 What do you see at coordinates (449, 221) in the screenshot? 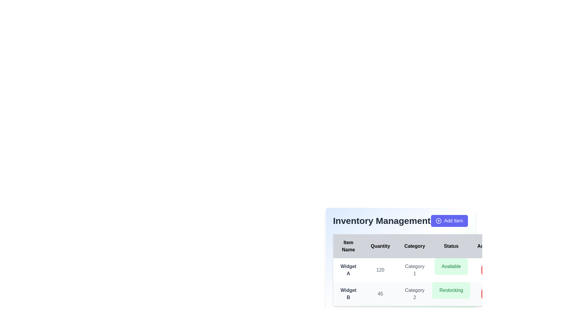
I see `the 'Add Item' button with a vivid indigo background and white text for keyboard navigation` at bounding box center [449, 221].